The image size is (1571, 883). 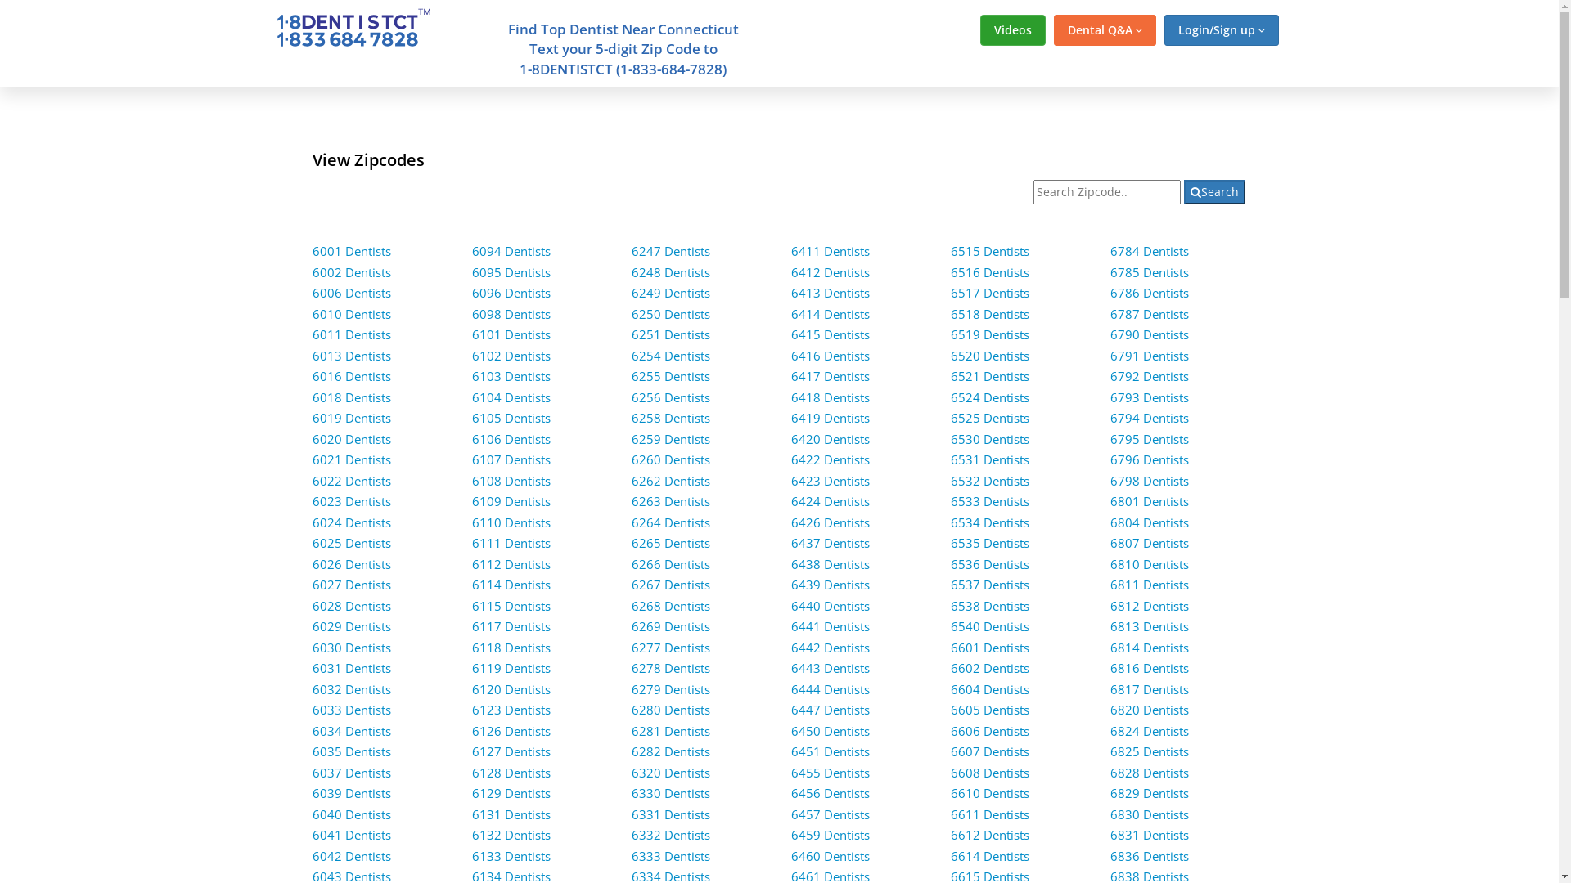 I want to click on '6817 Dentists', so click(x=1149, y=689).